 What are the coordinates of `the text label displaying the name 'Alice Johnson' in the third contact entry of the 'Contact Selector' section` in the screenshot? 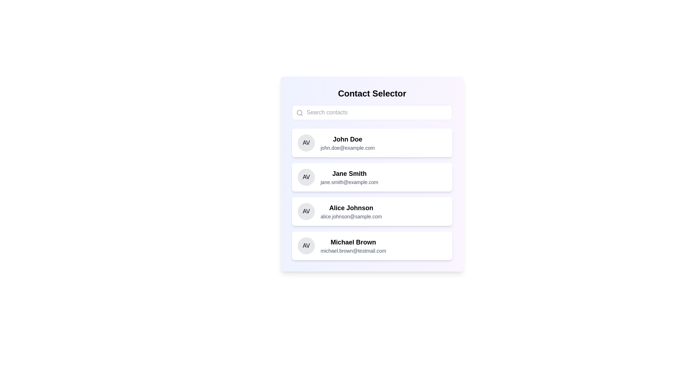 It's located at (351, 208).